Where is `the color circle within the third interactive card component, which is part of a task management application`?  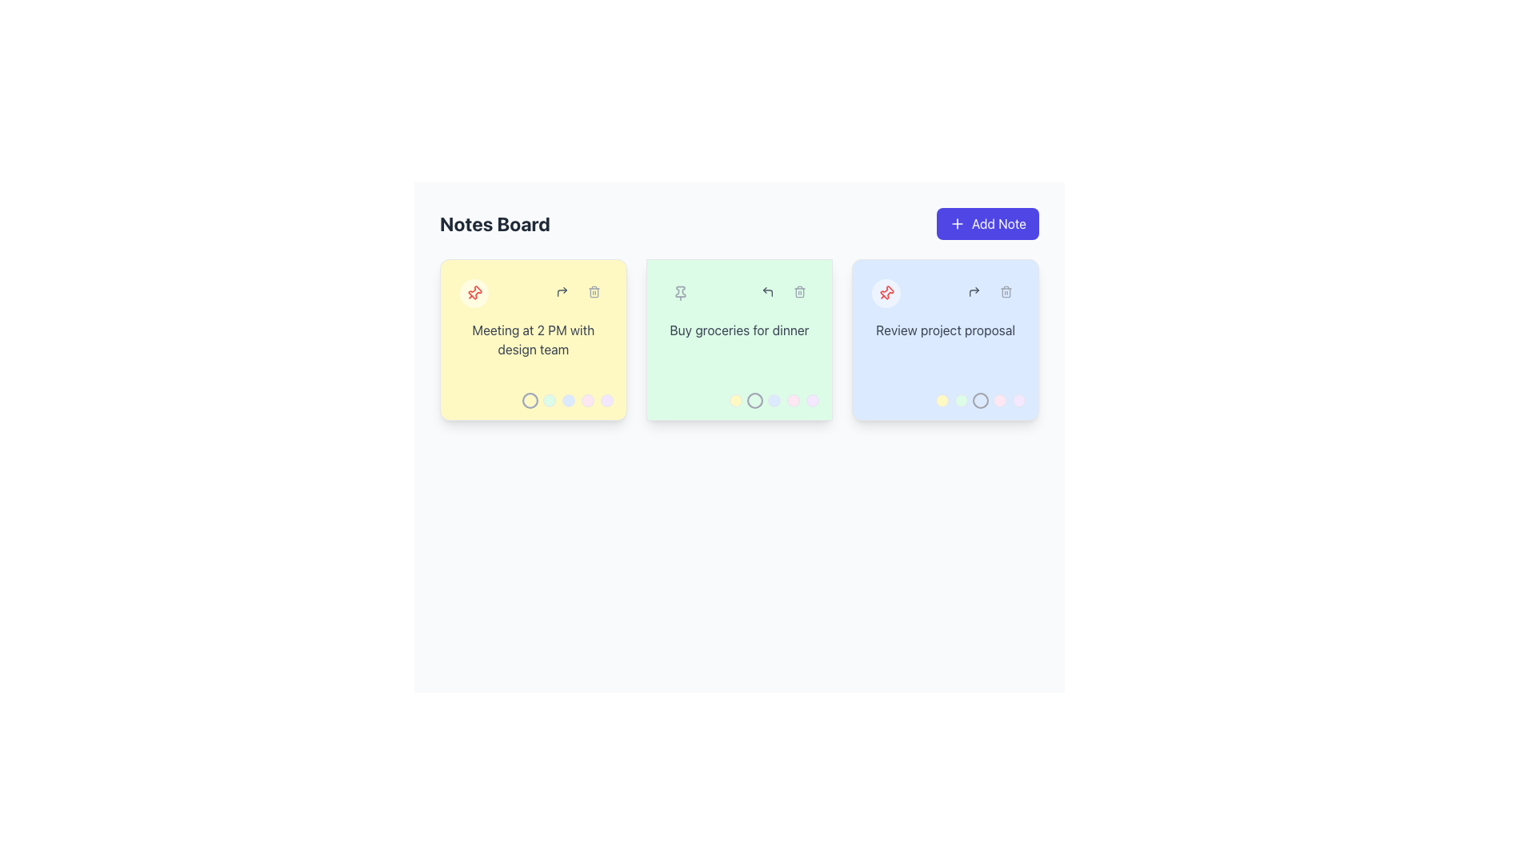 the color circle within the third interactive card component, which is part of a task management application is located at coordinates (946, 338).